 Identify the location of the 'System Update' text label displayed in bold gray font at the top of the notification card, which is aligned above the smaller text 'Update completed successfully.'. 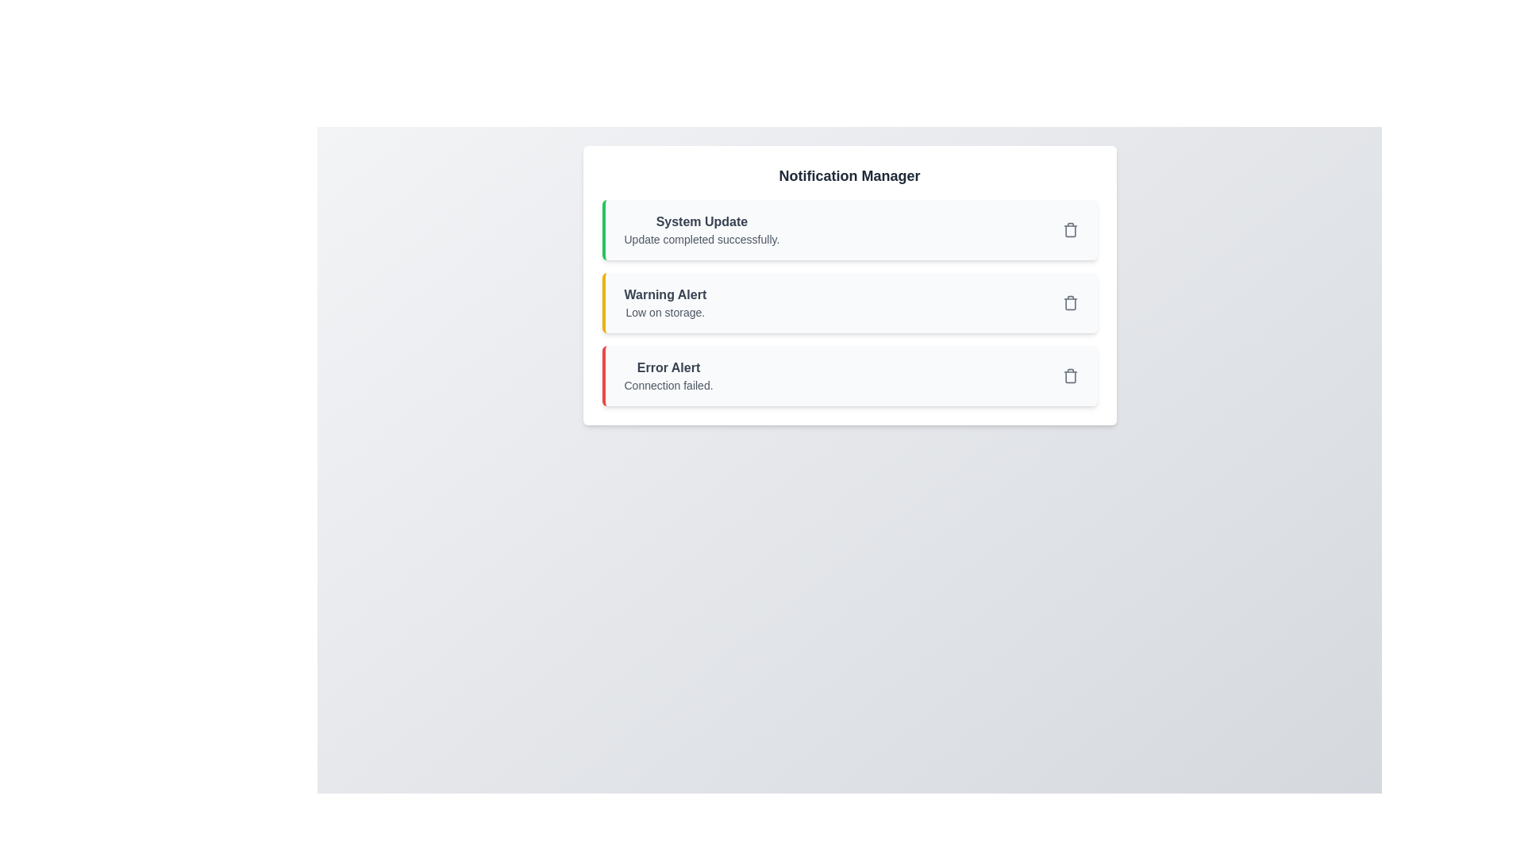
(701, 222).